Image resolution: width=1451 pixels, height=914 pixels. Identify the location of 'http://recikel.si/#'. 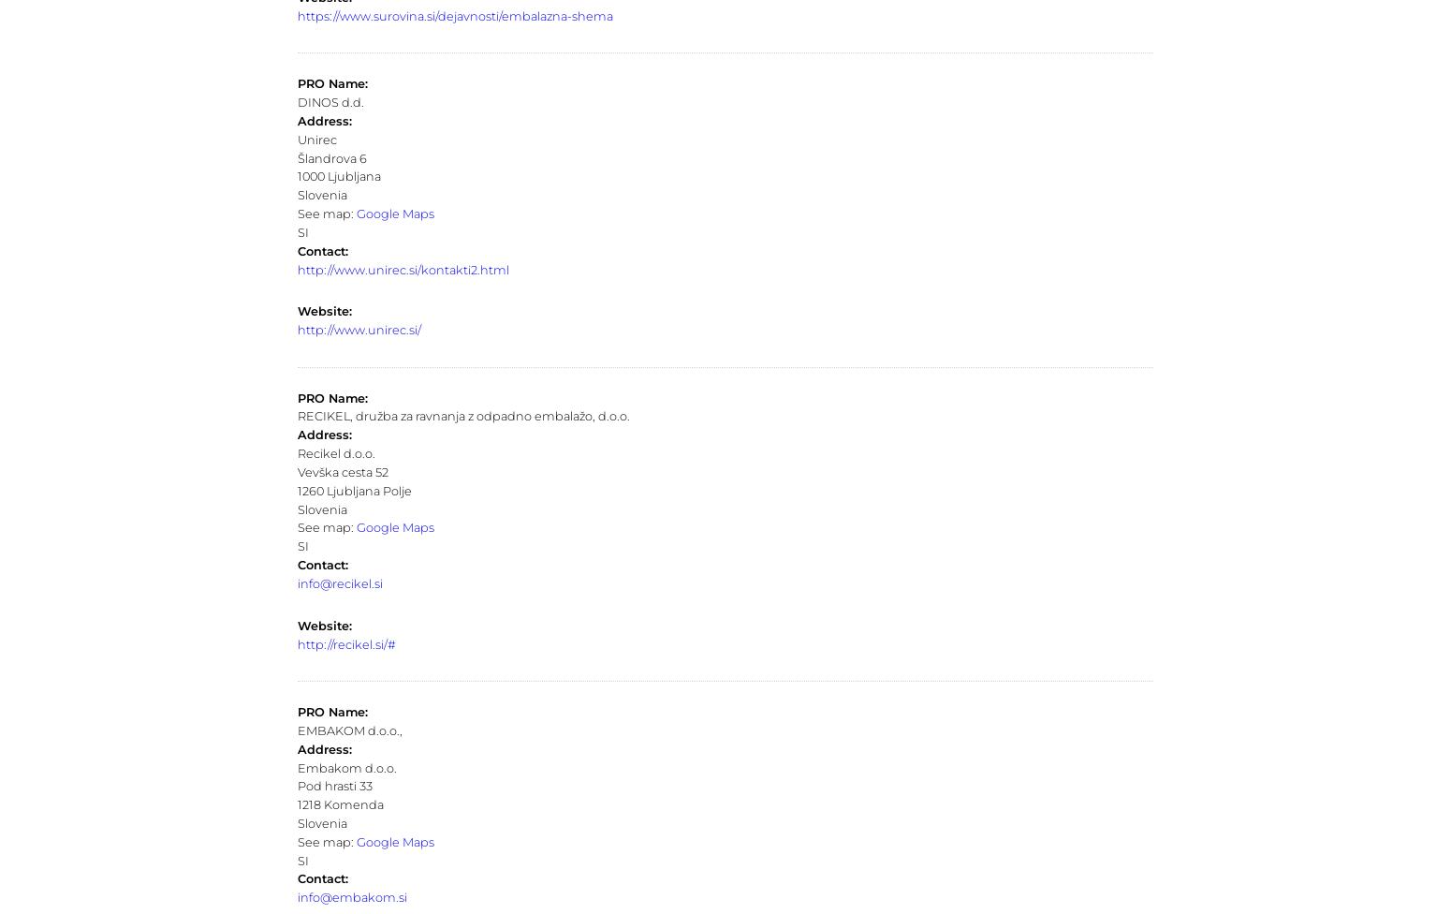
(344, 642).